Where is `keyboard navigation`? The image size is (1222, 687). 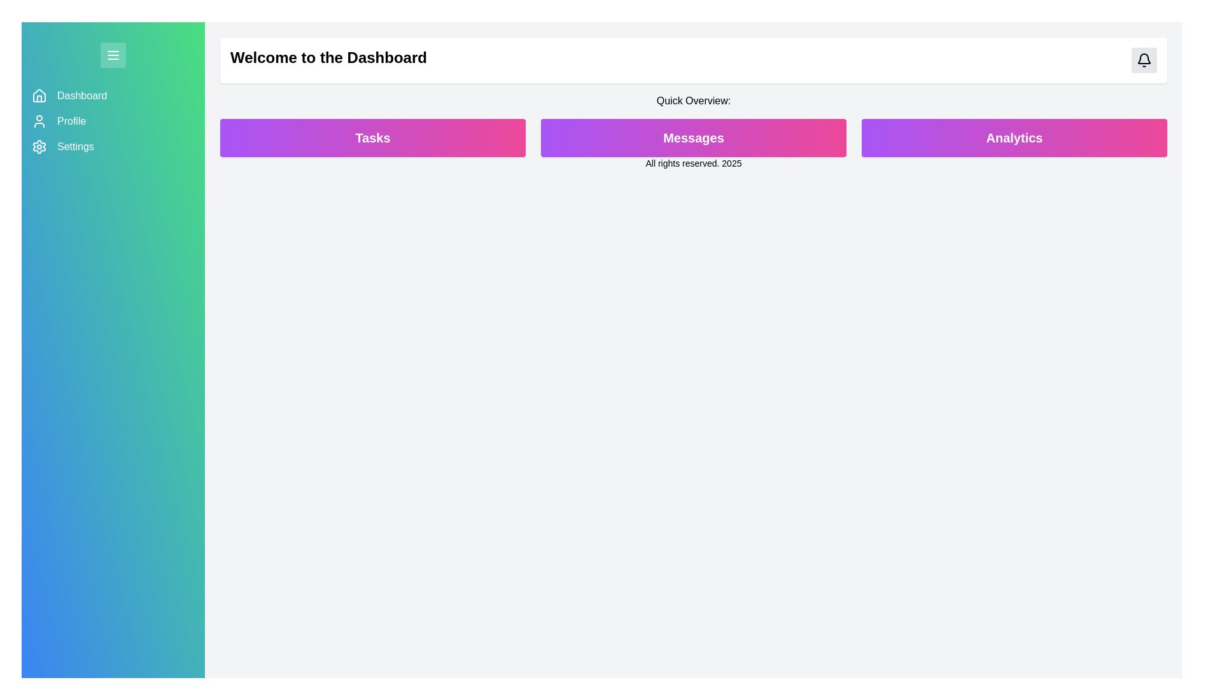
keyboard navigation is located at coordinates (81, 95).